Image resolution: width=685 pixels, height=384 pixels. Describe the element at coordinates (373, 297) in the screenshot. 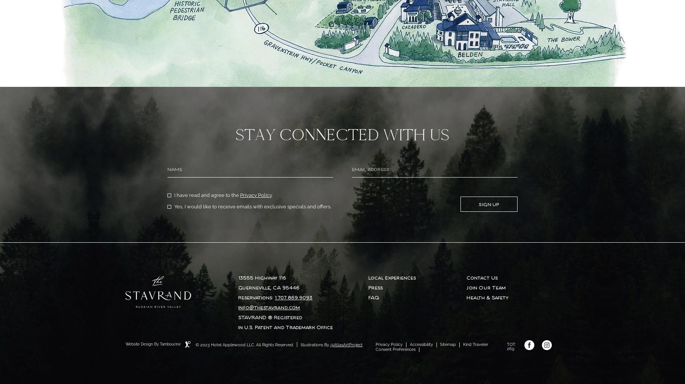

I see `'FAQ'` at that location.